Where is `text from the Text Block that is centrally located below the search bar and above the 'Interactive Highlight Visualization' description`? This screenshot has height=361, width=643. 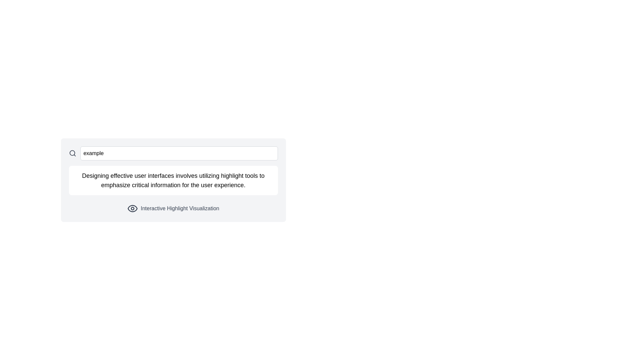
text from the Text Block that is centrally located below the search bar and above the 'Interactive Highlight Visualization' description is located at coordinates (173, 180).